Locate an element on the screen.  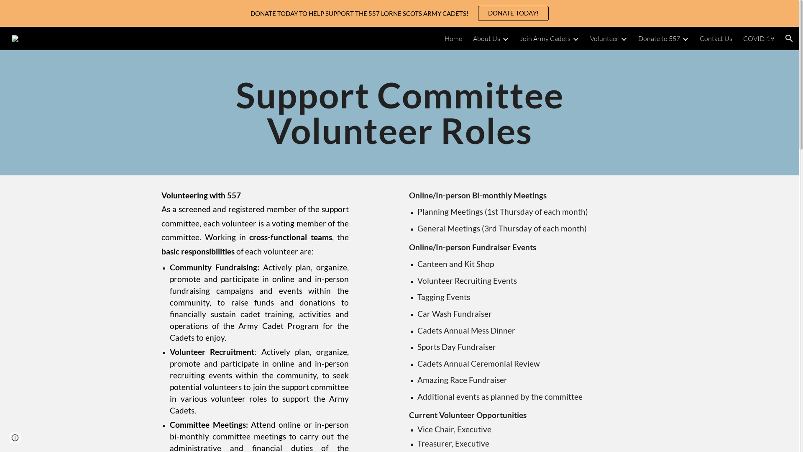
'Contact Us' is located at coordinates (716, 39).